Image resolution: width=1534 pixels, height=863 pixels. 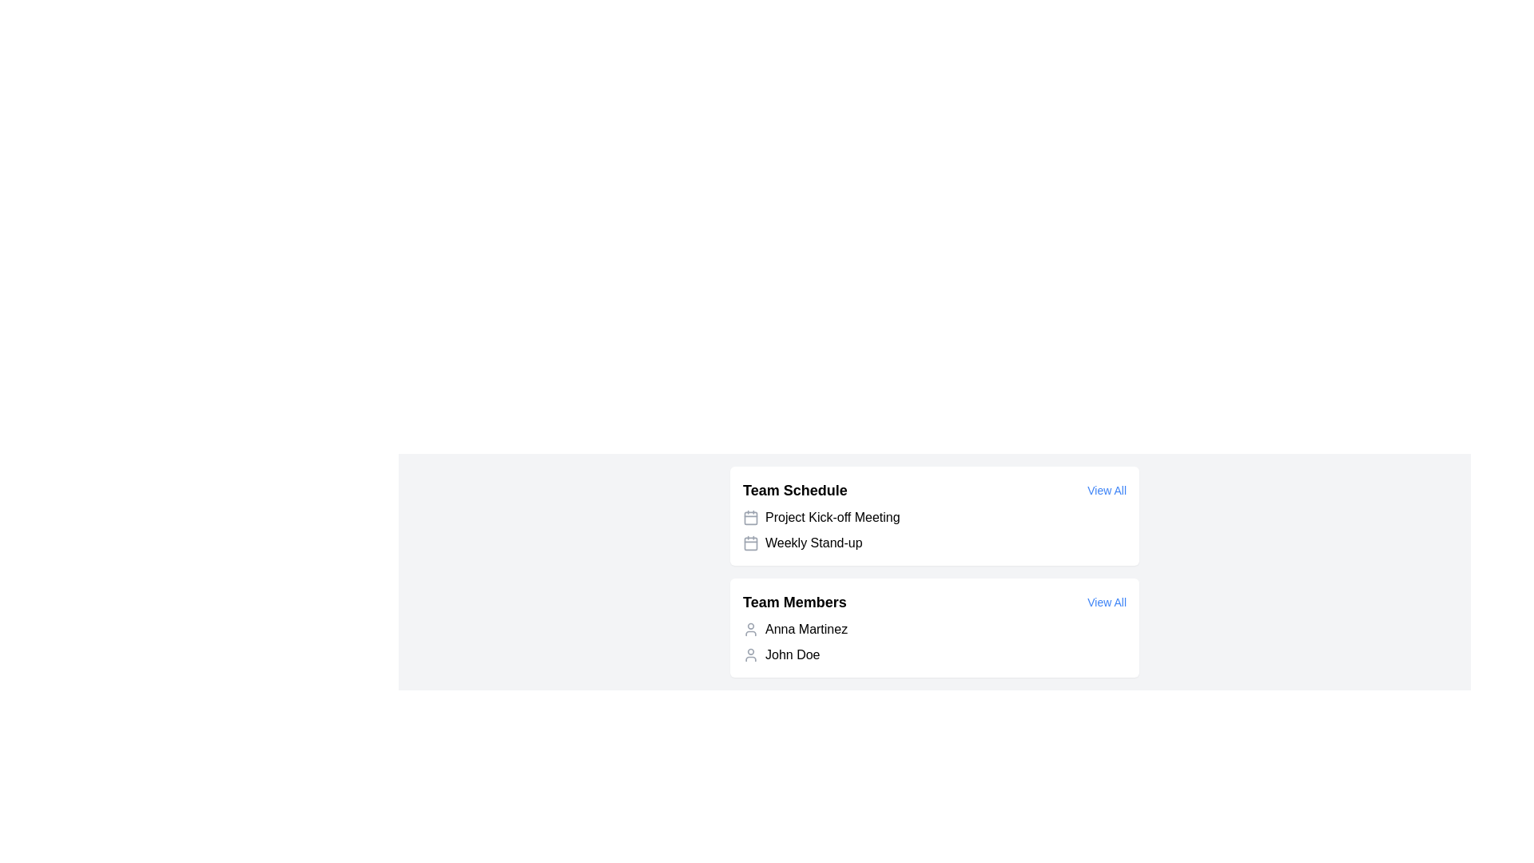 What do you see at coordinates (795, 489) in the screenshot?
I see `the non-interactive Text Label that signifies the content related to the team schedule, positioned on the left side above the list of scheduled activities` at bounding box center [795, 489].